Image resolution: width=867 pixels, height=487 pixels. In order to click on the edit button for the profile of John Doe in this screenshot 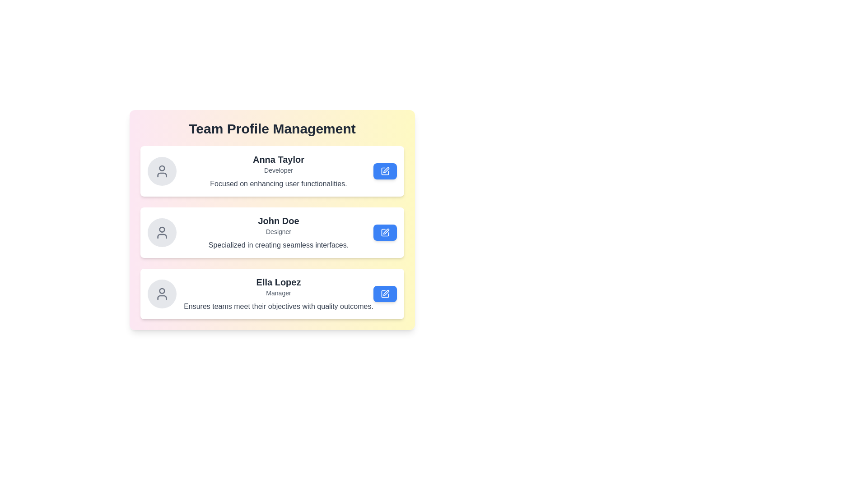, I will do `click(385, 232)`.